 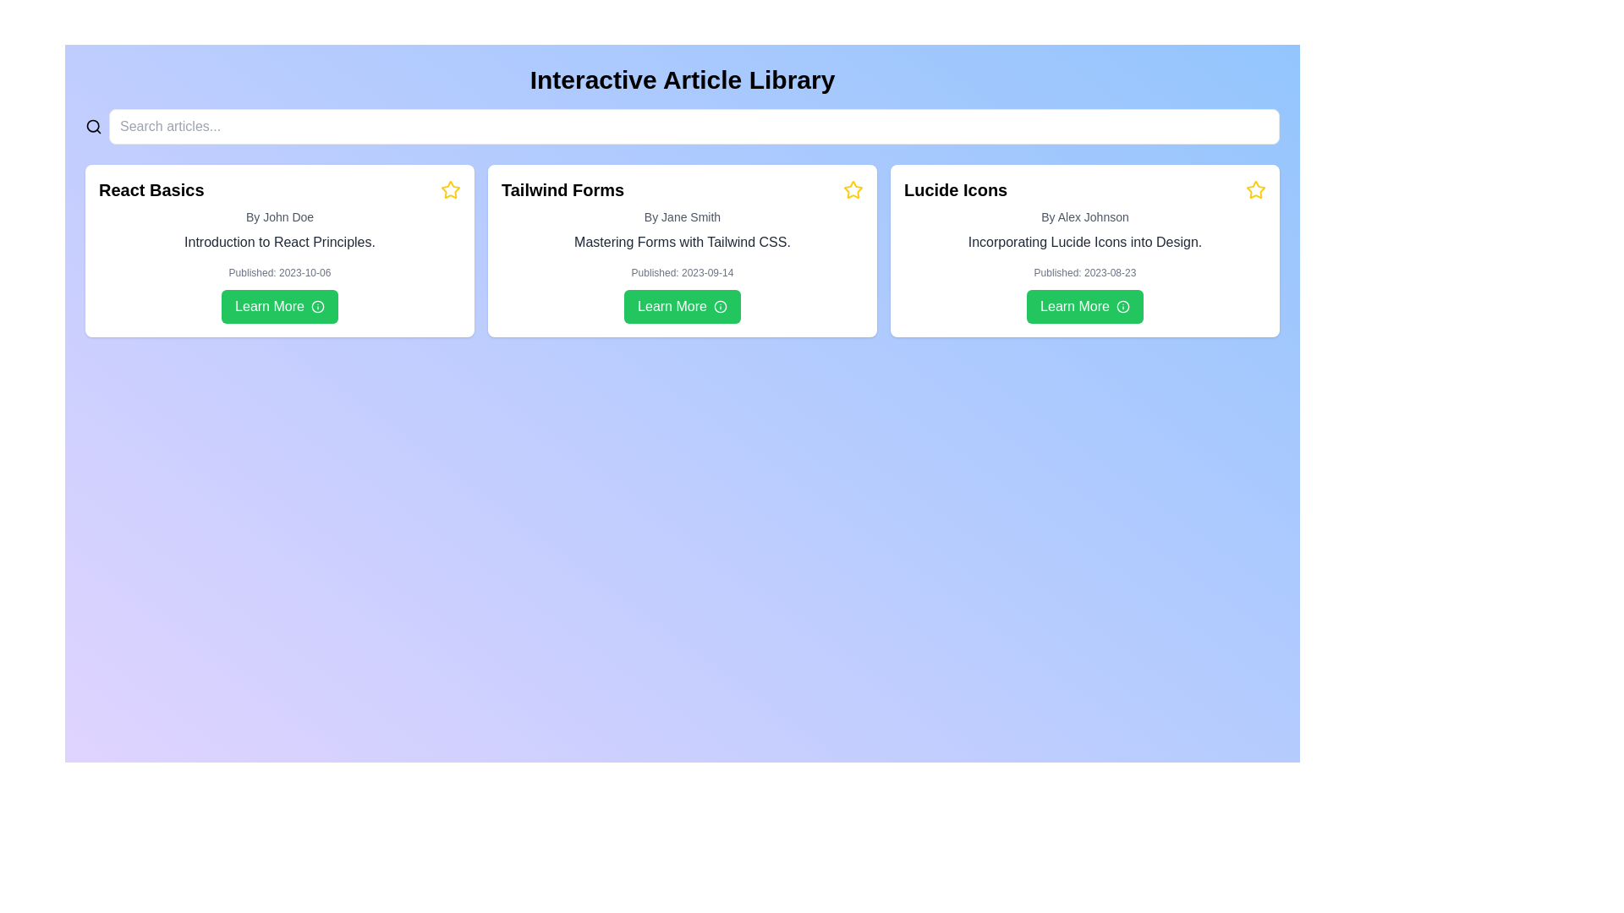 What do you see at coordinates (1084, 216) in the screenshot?
I see `the text label that reads 'By Alex Johnson.' which is styled in a small, gray font and located below the title 'Lucide Icons.'` at bounding box center [1084, 216].